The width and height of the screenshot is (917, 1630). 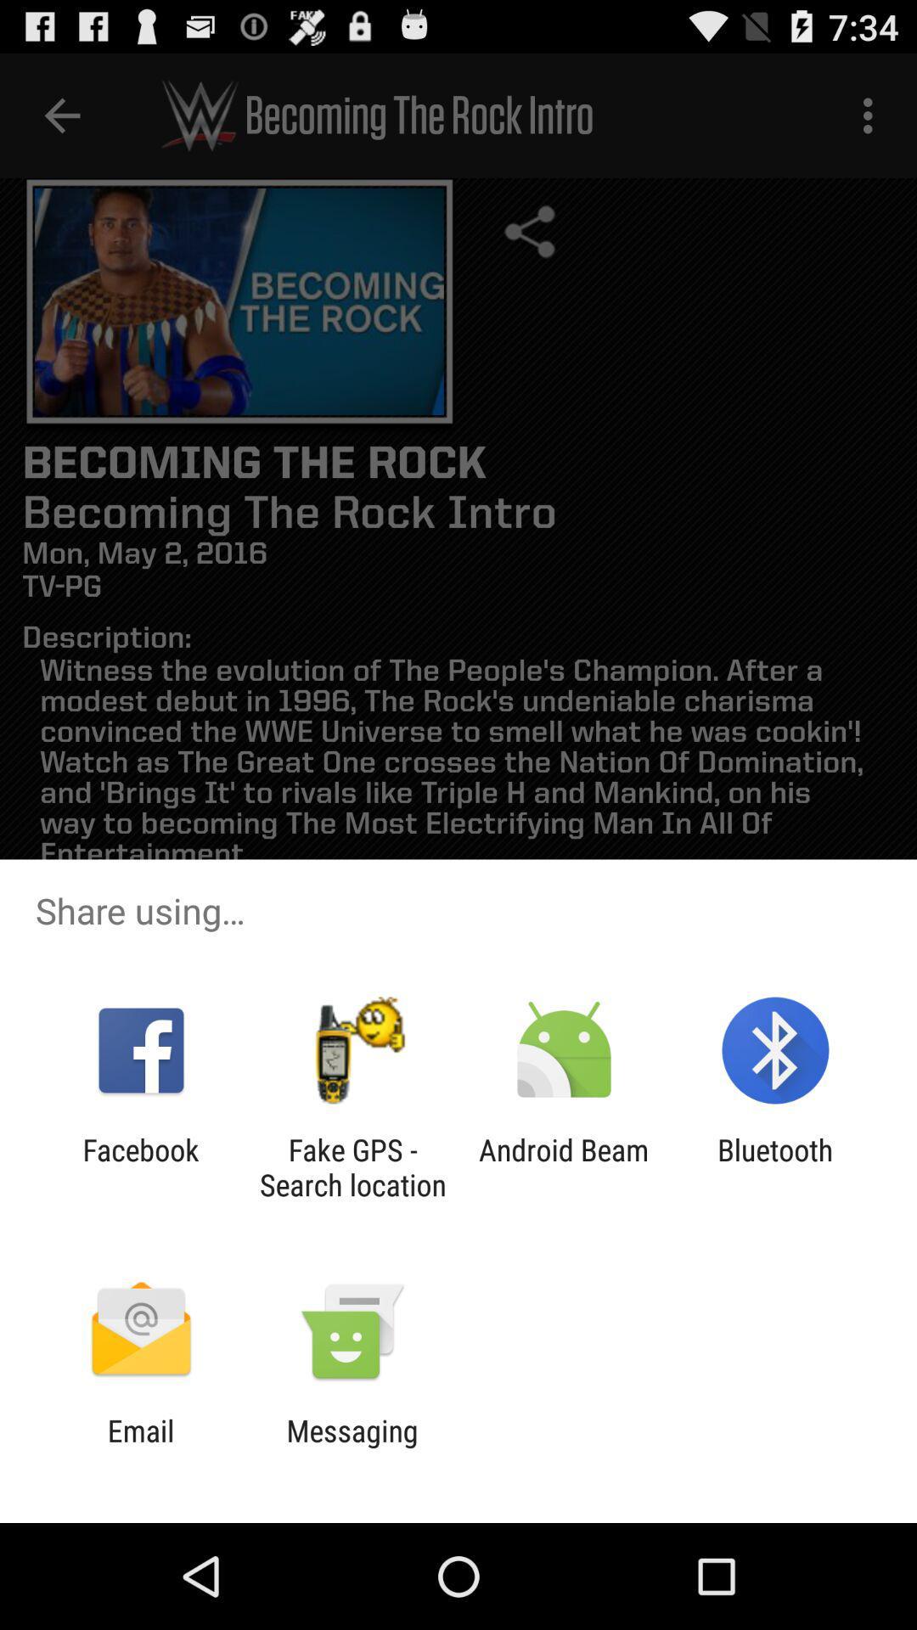 I want to click on icon next to the email item, so click(x=352, y=1447).